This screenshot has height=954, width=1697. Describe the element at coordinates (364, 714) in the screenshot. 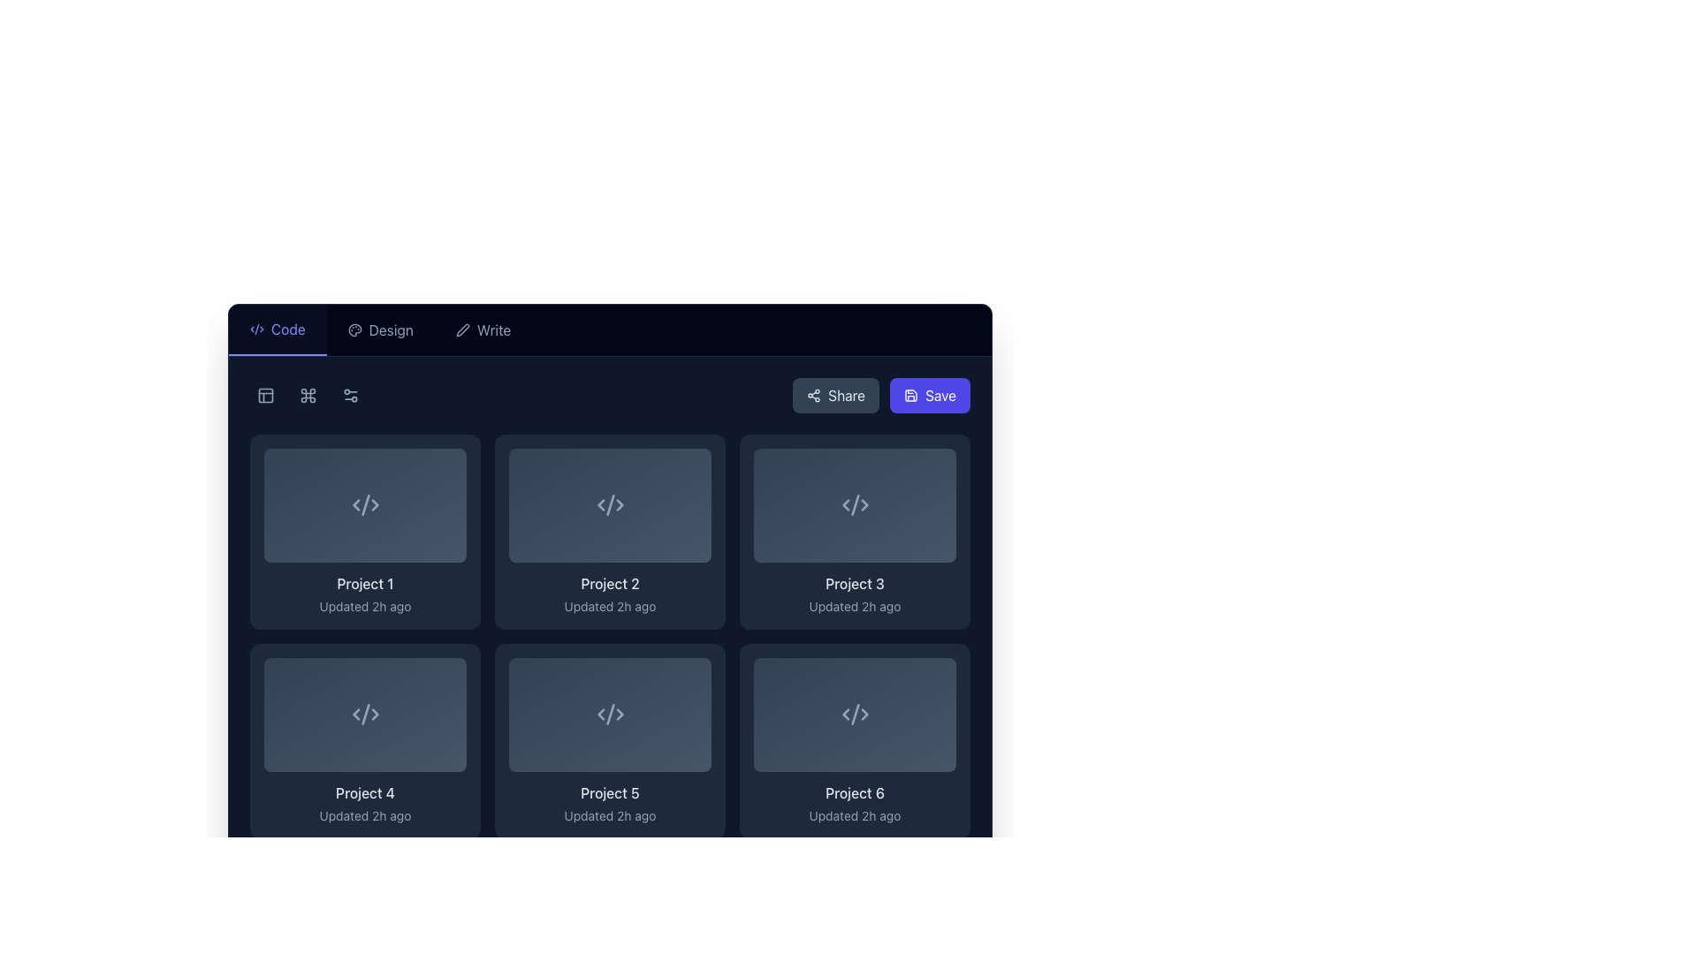

I see `the code tag icon ('<>') located in the first column of the second row within the 'Project 4' card, distinguished by its light gray color` at that location.